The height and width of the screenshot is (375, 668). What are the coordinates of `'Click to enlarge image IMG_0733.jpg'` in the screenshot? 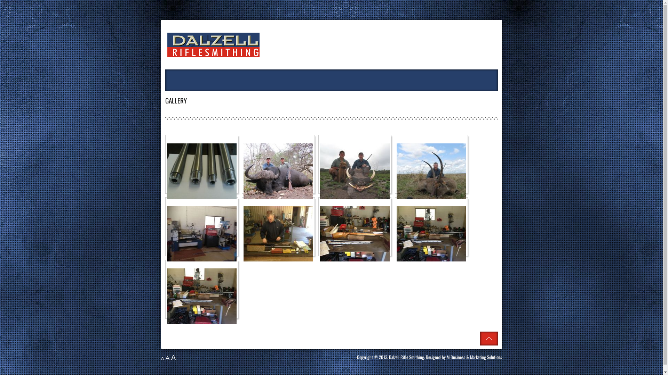 It's located at (355, 171).